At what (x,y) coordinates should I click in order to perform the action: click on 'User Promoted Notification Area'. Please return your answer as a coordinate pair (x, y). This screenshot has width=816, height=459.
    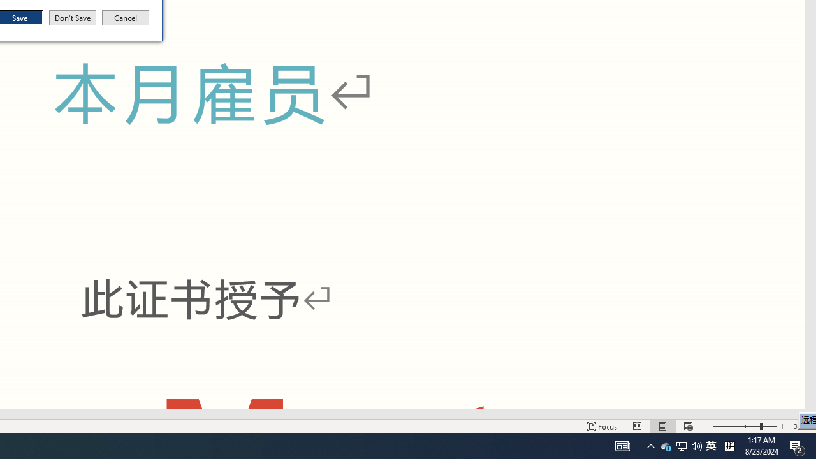
    Looking at the image, I should click on (680, 445).